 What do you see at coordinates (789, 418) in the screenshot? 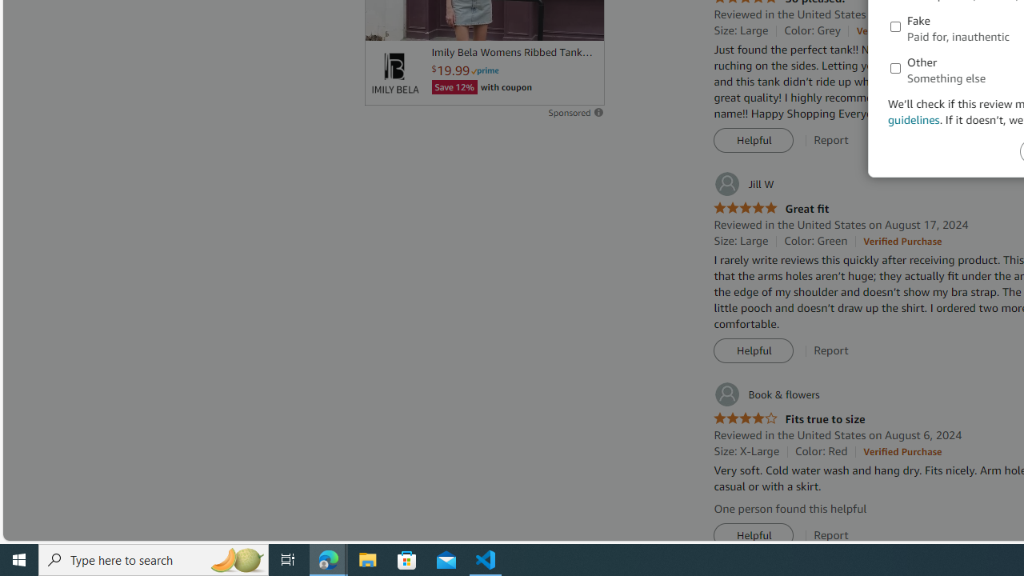
I see `'4.0 out of 5 stars Fits true to size'` at bounding box center [789, 418].